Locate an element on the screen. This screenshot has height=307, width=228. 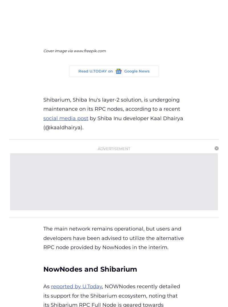
'reported by U.Today' is located at coordinates (76, 286).